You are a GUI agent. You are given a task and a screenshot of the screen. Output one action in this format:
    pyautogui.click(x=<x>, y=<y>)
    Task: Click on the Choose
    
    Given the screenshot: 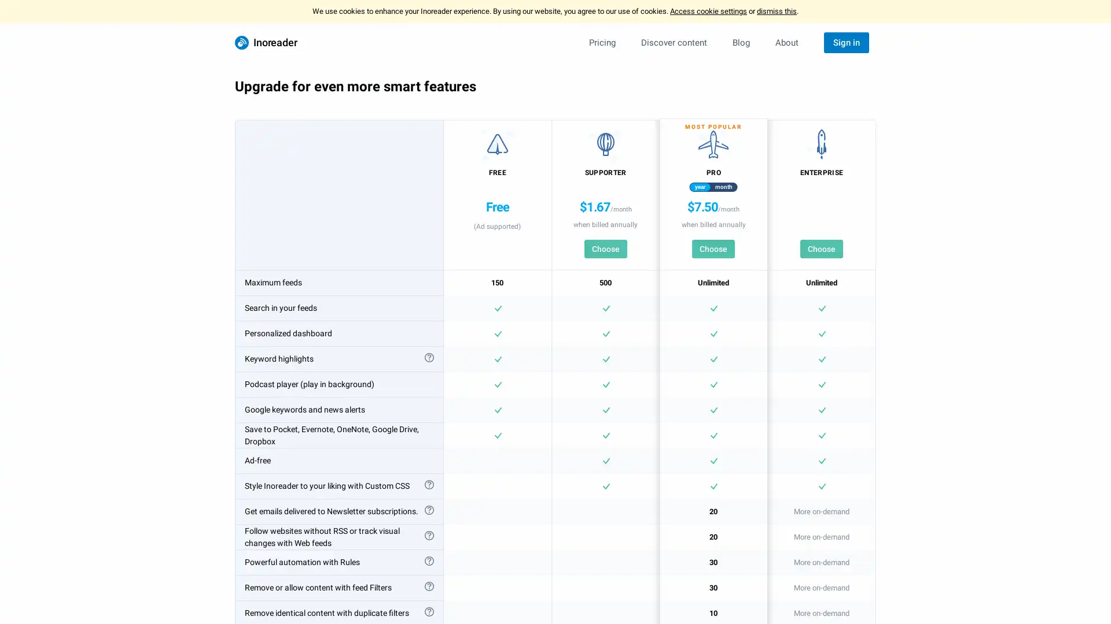 What is the action you would take?
    pyautogui.click(x=821, y=248)
    